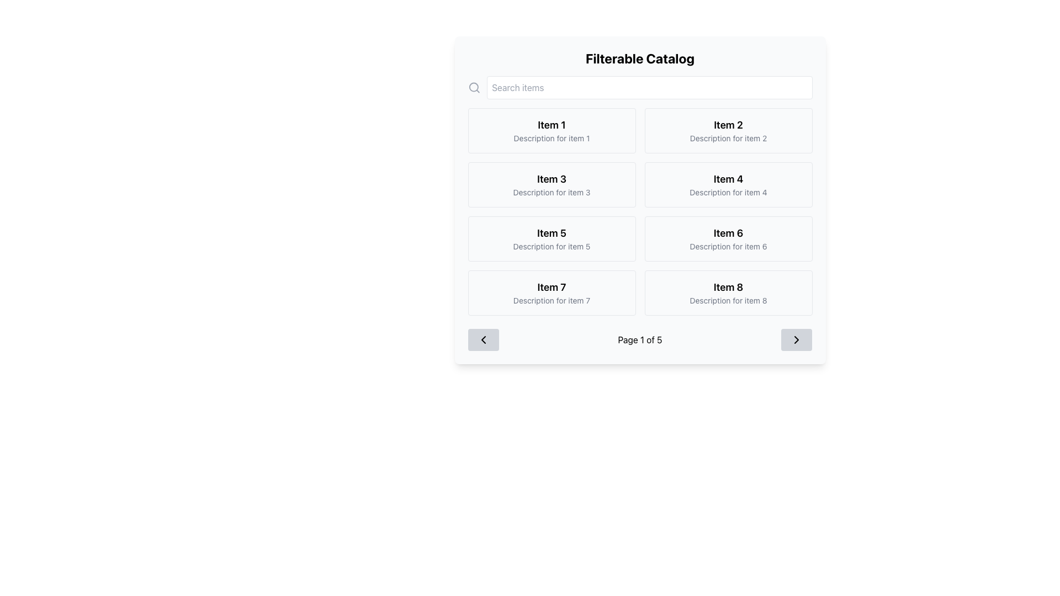  What do you see at coordinates (728, 125) in the screenshot?
I see `the static text label displaying 'Item 2', which is styled as the main title at the top of the card in the second column of the first row` at bounding box center [728, 125].